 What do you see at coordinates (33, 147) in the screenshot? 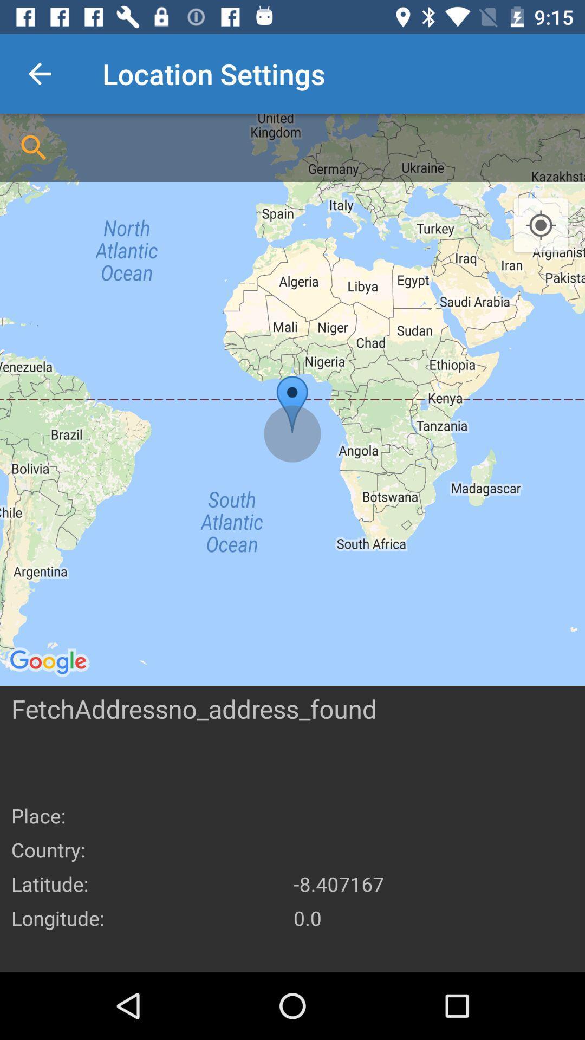
I see `the search icon` at bounding box center [33, 147].